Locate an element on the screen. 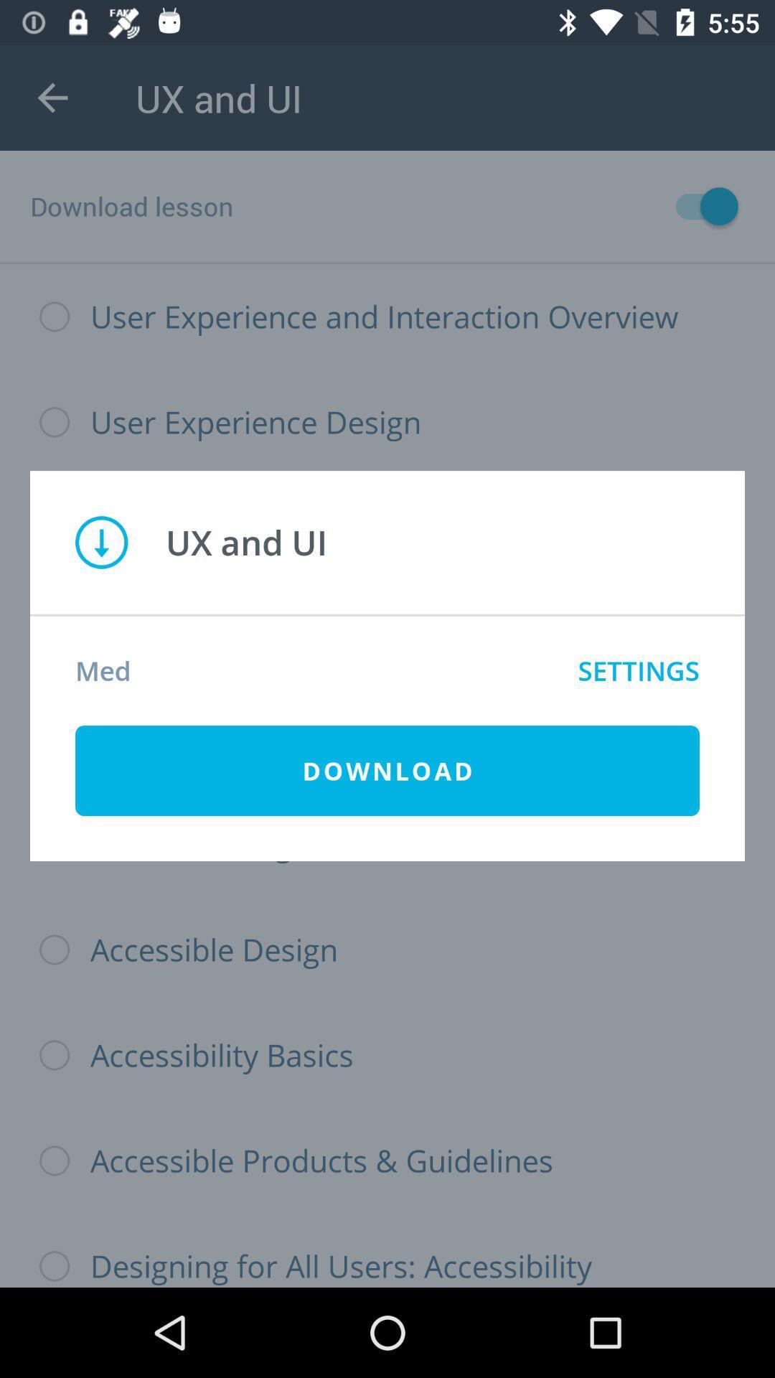  icon next to med icon is located at coordinates (638, 670).